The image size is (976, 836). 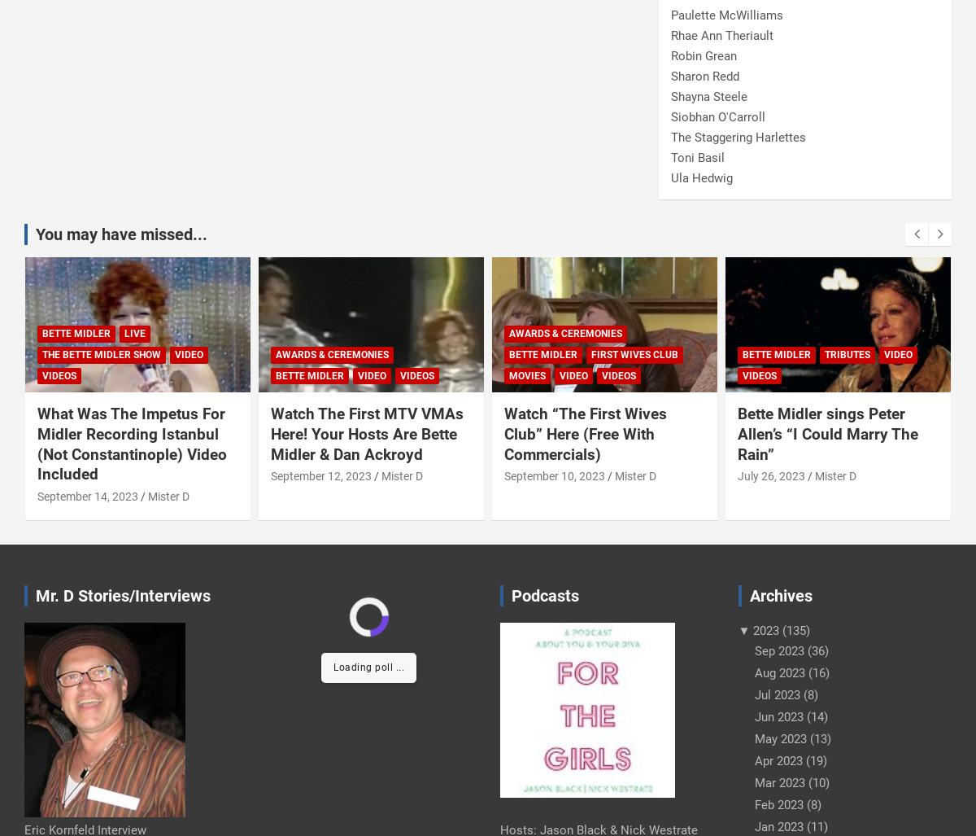 What do you see at coordinates (802, 759) in the screenshot?
I see `'(19)'` at bounding box center [802, 759].